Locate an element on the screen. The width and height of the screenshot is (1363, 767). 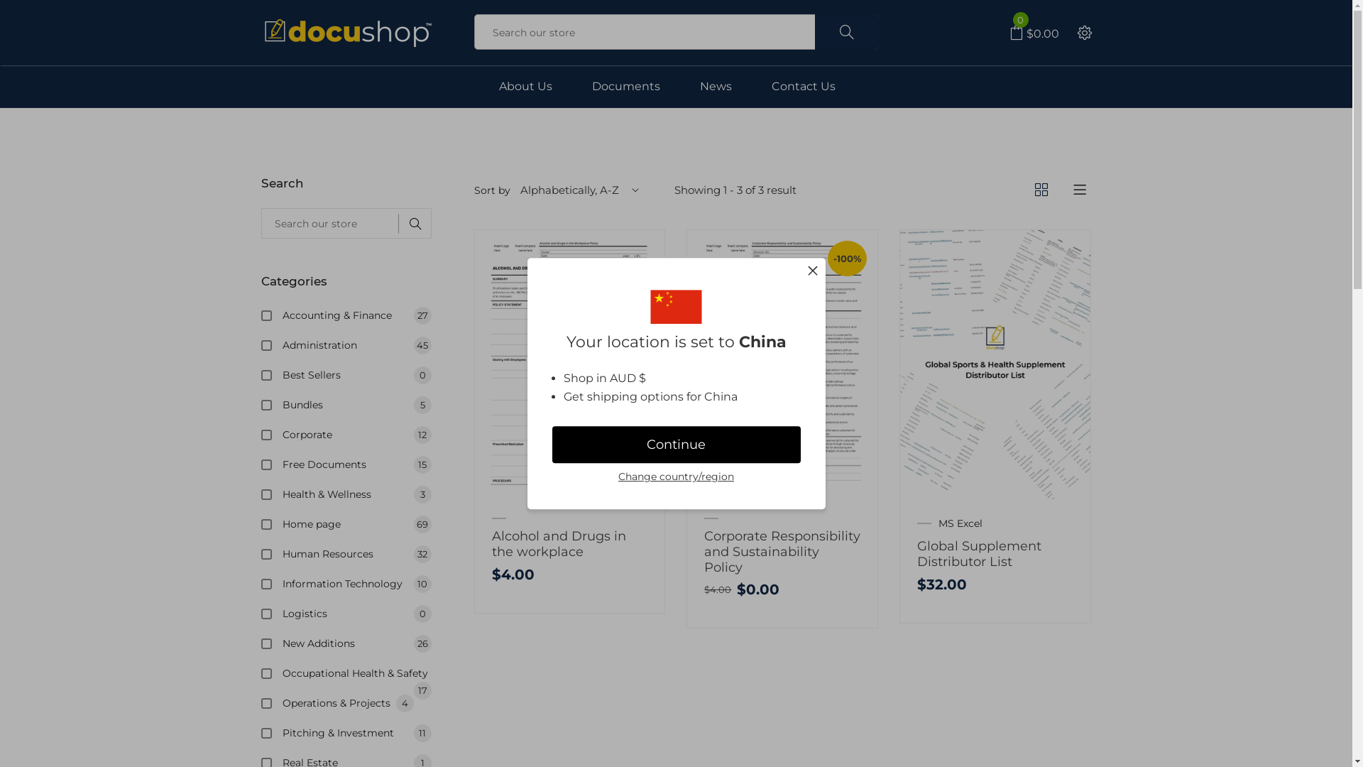
'Administration is located at coordinates (357, 345).